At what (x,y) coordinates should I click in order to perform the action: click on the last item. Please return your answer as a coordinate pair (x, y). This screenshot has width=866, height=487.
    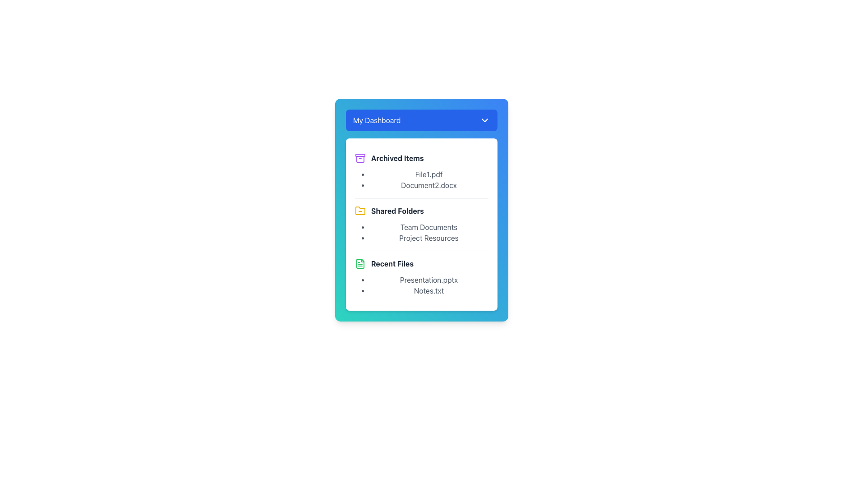
    Looking at the image, I should click on (421, 285).